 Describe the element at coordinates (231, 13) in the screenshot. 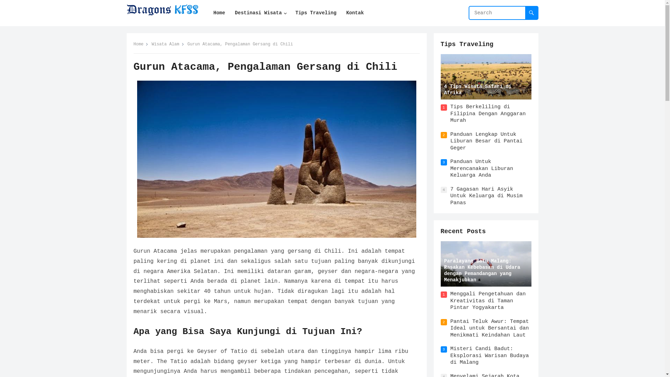

I see `'Destinasi Wisata'` at that location.